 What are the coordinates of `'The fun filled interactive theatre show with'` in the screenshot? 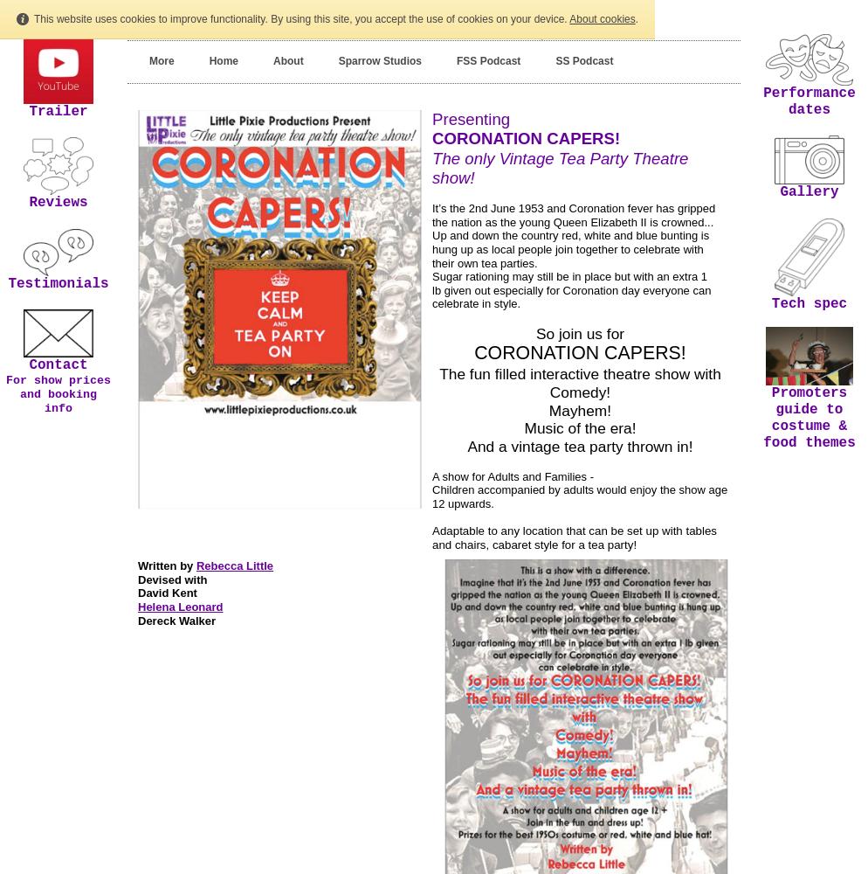 It's located at (579, 373).